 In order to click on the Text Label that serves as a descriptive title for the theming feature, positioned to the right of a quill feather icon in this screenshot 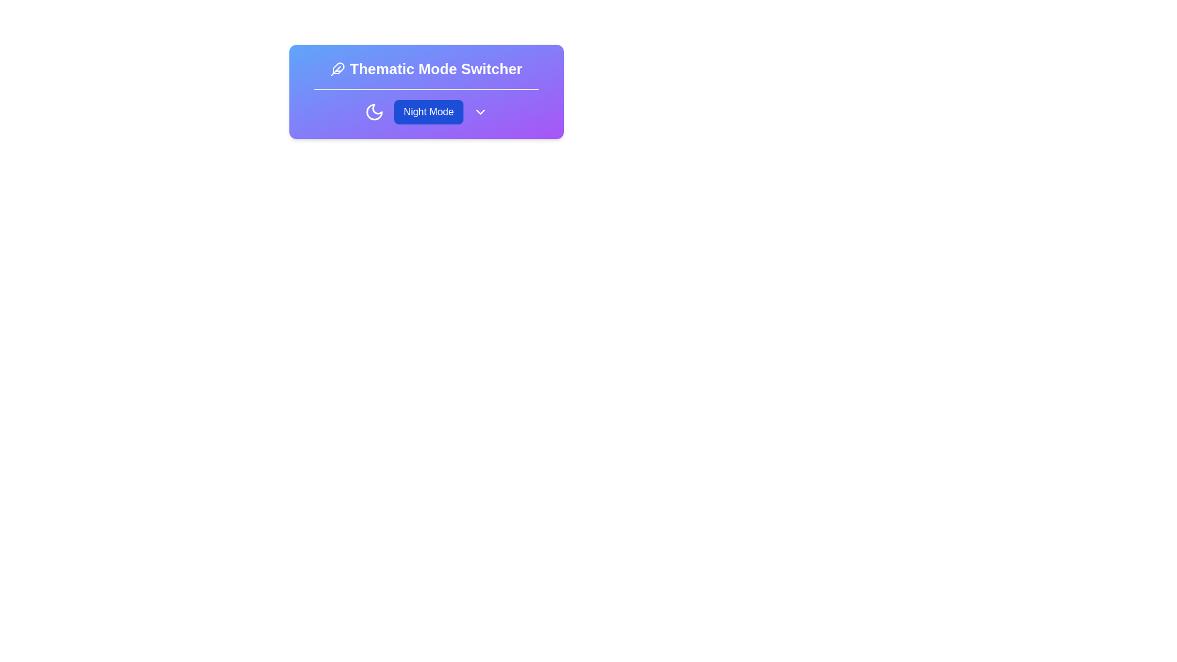, I will do `click(436, 69)`.